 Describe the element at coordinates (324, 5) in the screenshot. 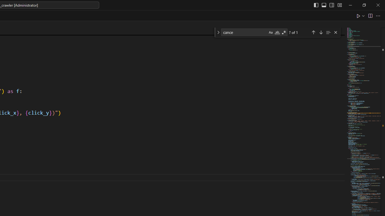

I see `'Toggle Panel (Ctrl+J)'` at that location.